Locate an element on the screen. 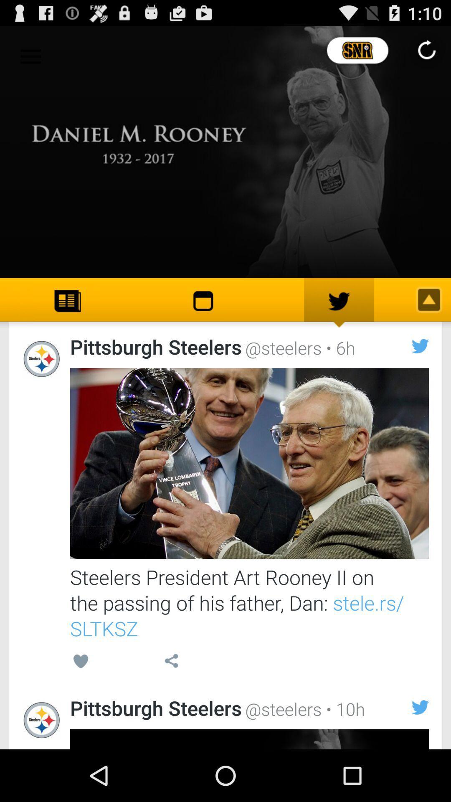 This screenshot has height=802, width=451. the item to the right of the @steelers item is located at coordinates (343, 708).